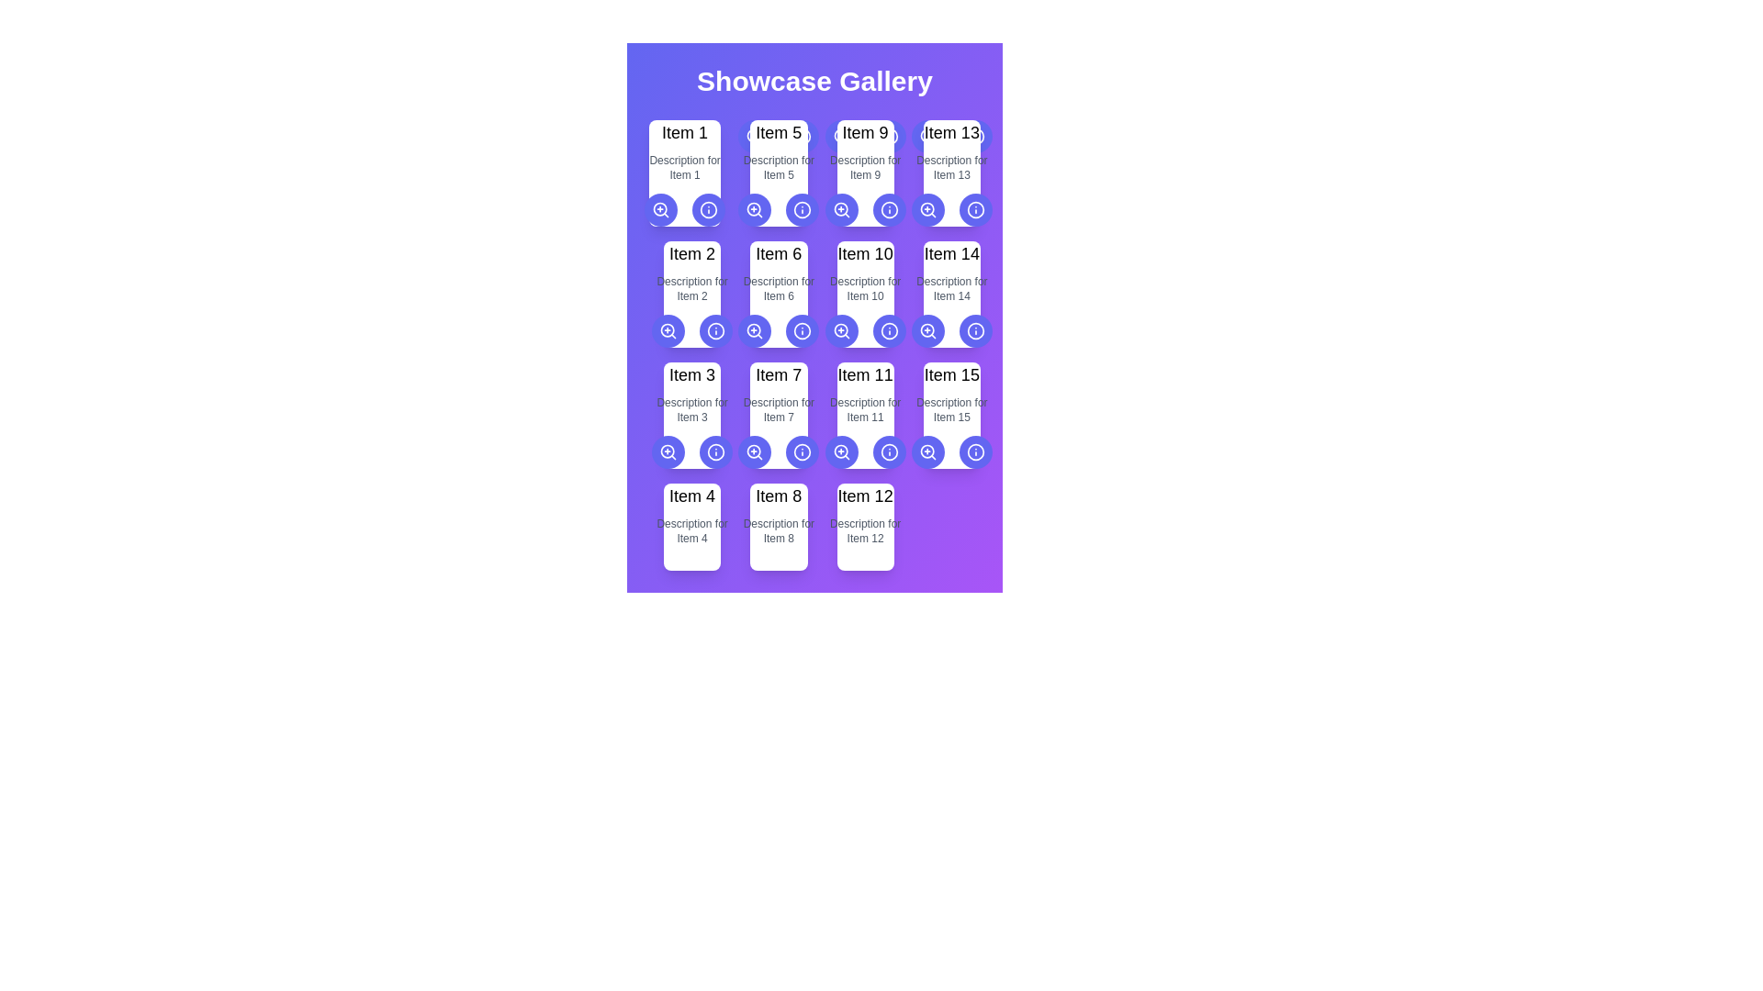 Image resolution: width=1763 pixels, height=991 pixels. I want to click on the blue circular button containing the 'i' icon located in the fourth column and fourth row of the item list grid, so click(974, 331).